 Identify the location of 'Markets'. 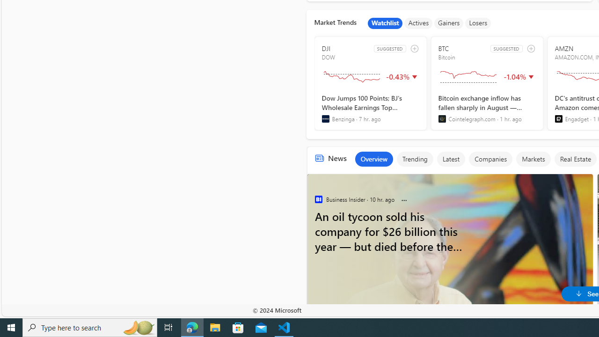
(533, 158).